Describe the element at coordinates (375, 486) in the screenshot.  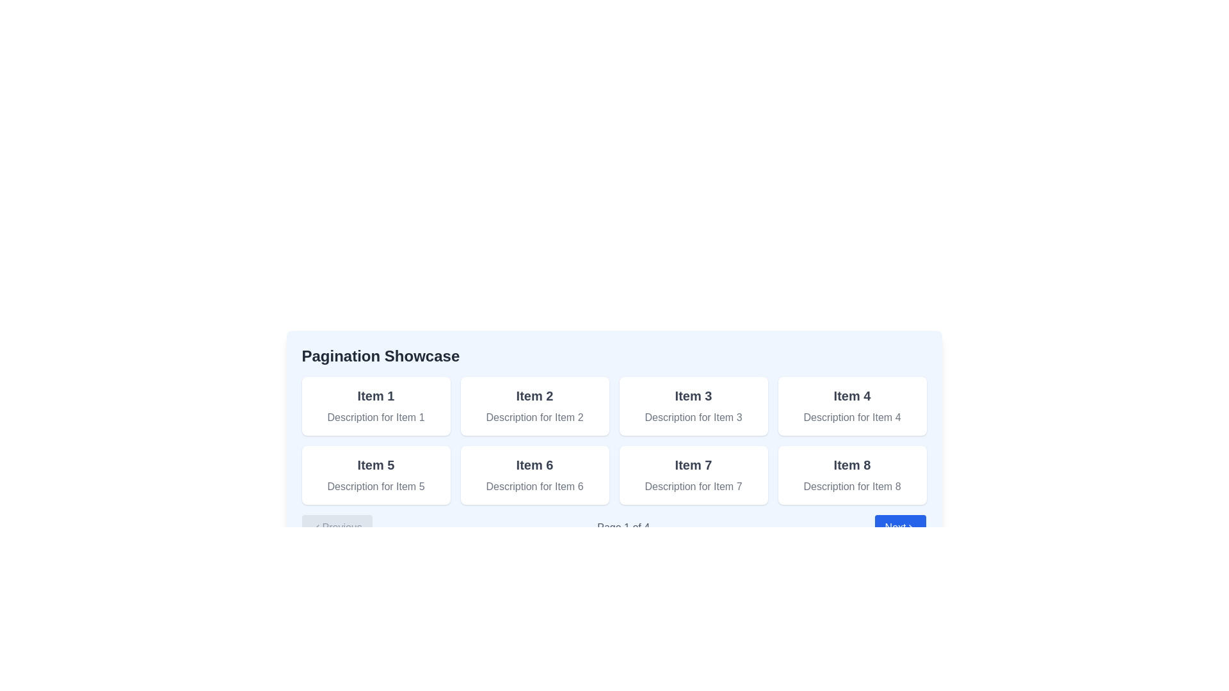
I see `text label displaying 'Description for Item 5', which is styled in gray font and is located below the header 'Item 5' within a card interface` at that location.